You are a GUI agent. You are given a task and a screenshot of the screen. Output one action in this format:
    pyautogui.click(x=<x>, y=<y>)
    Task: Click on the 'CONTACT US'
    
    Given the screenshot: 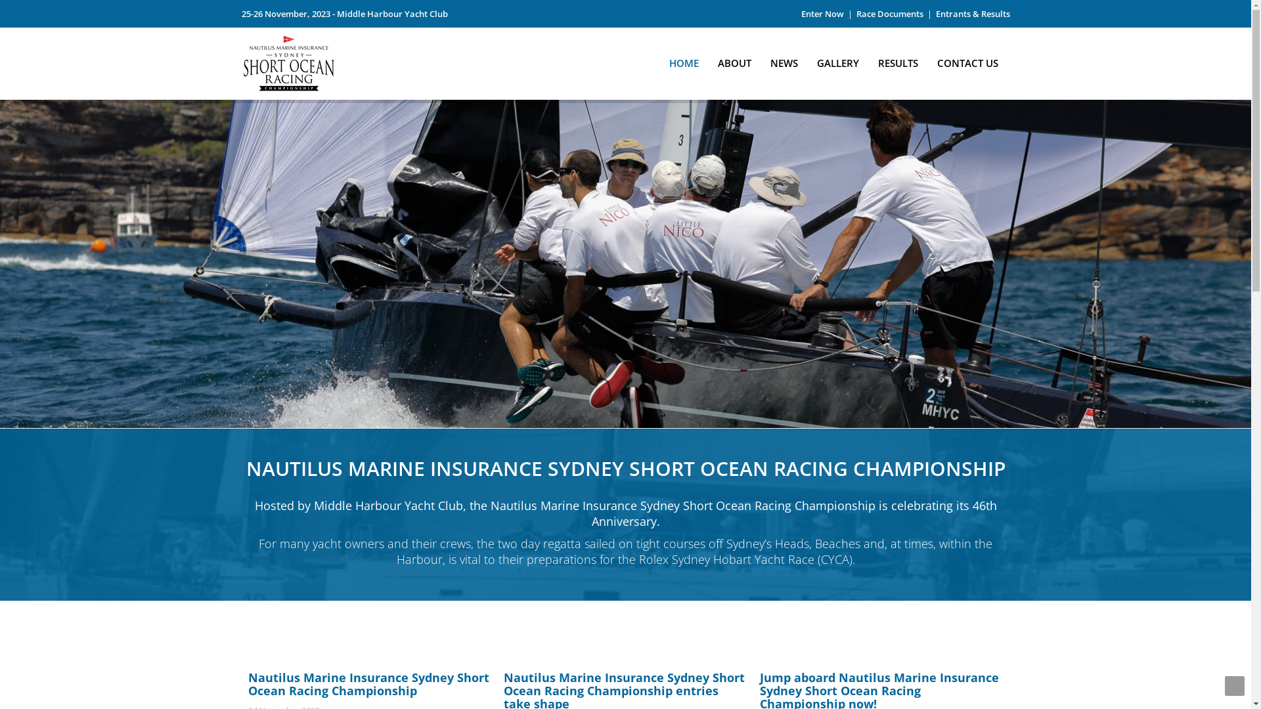 What is the action you would take?
    pyautogui.click(x=929, y=59)
    